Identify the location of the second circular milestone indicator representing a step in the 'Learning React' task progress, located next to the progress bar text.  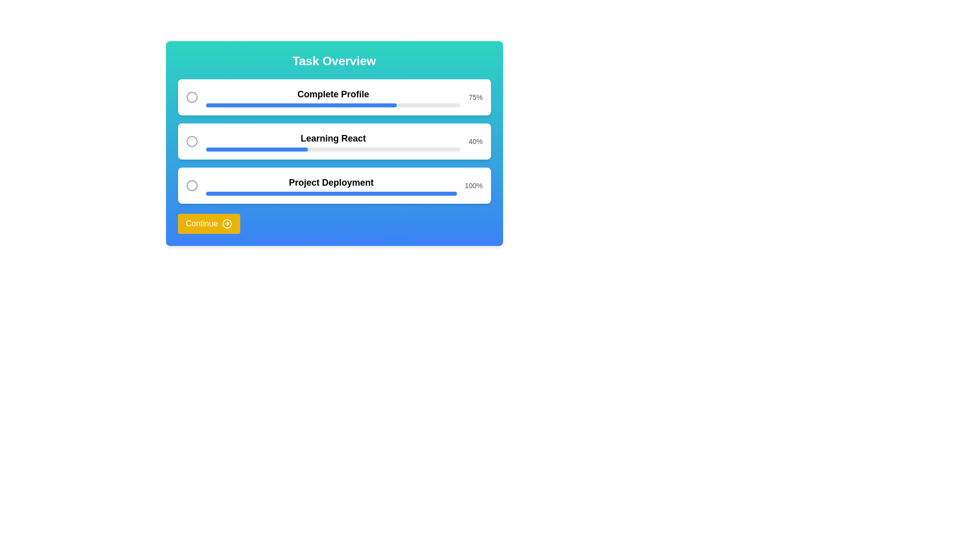
(192, 141).